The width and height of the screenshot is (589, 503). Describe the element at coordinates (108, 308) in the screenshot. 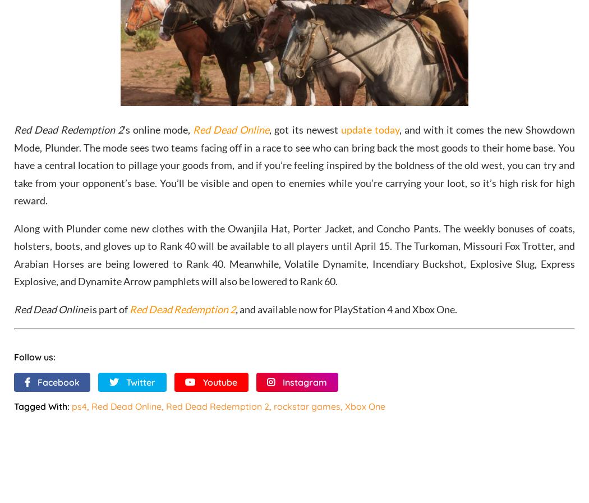

I see `'is part of'` at that location.